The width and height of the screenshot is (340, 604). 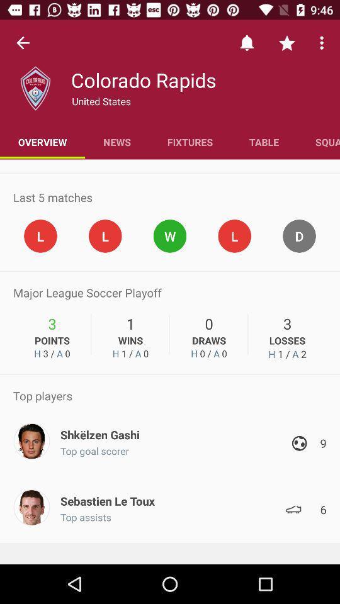 I want to click on the first circle with letter l inside it shown below last 5 matches, so click(x=40, y=235).